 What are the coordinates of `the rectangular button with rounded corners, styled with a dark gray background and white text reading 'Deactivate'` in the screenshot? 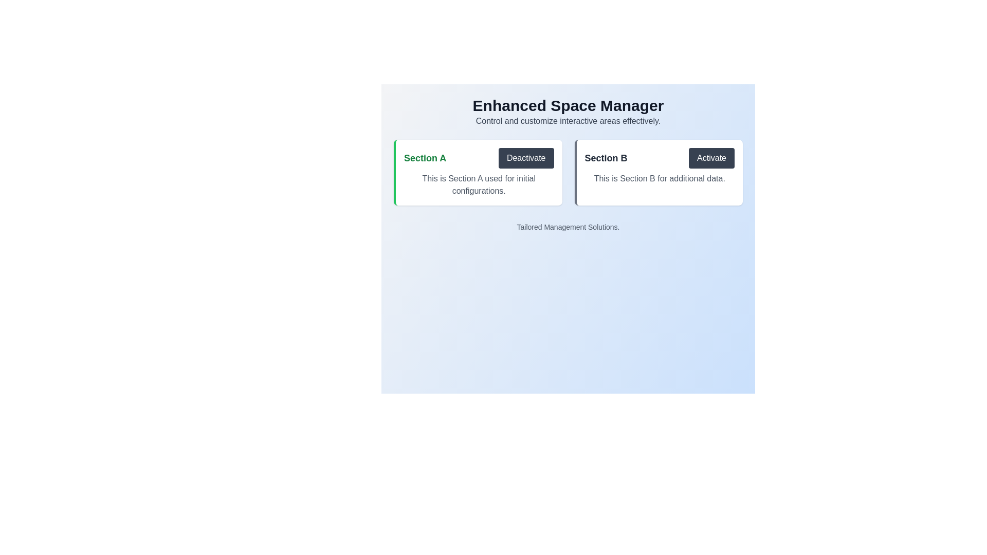 It's located at (526, 158).